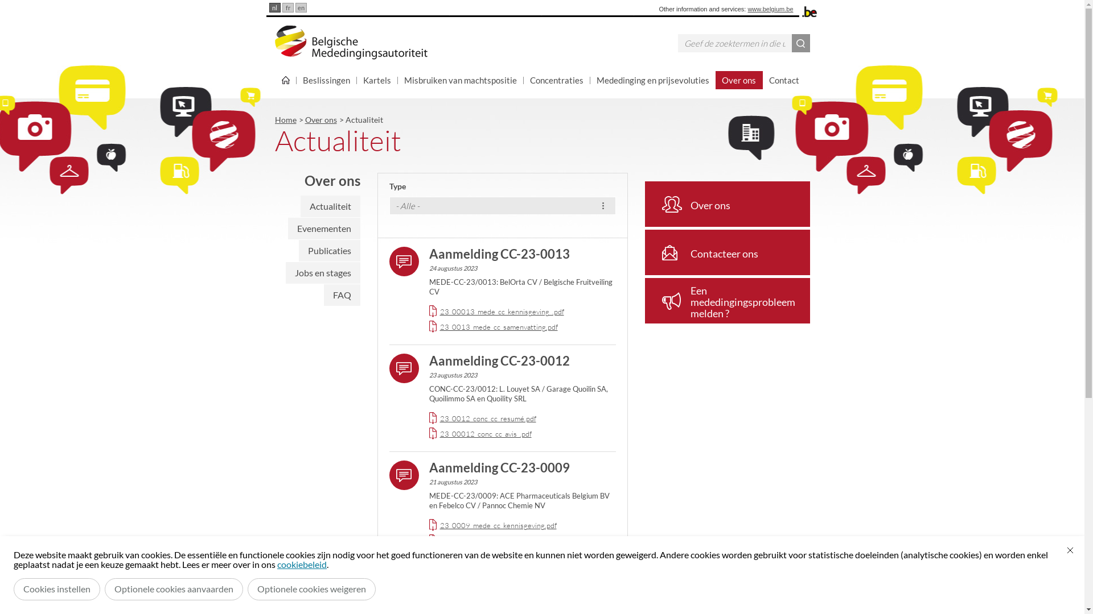  I want to click on '23_00013_mede_cc_kennisgeving_.pdf', so click(501, 311).